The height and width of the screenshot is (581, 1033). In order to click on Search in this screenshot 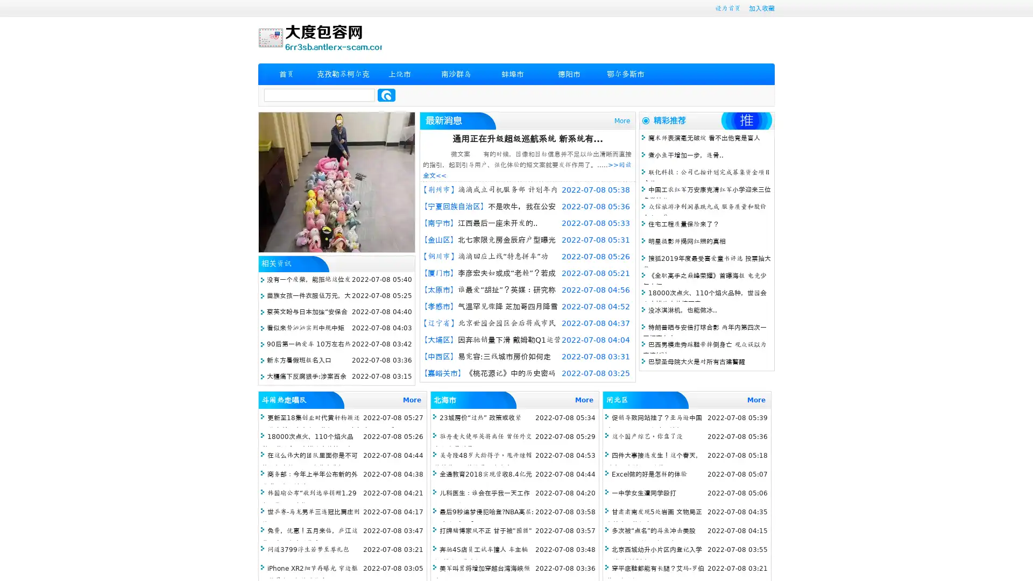, I will do `click(386, 95)`.